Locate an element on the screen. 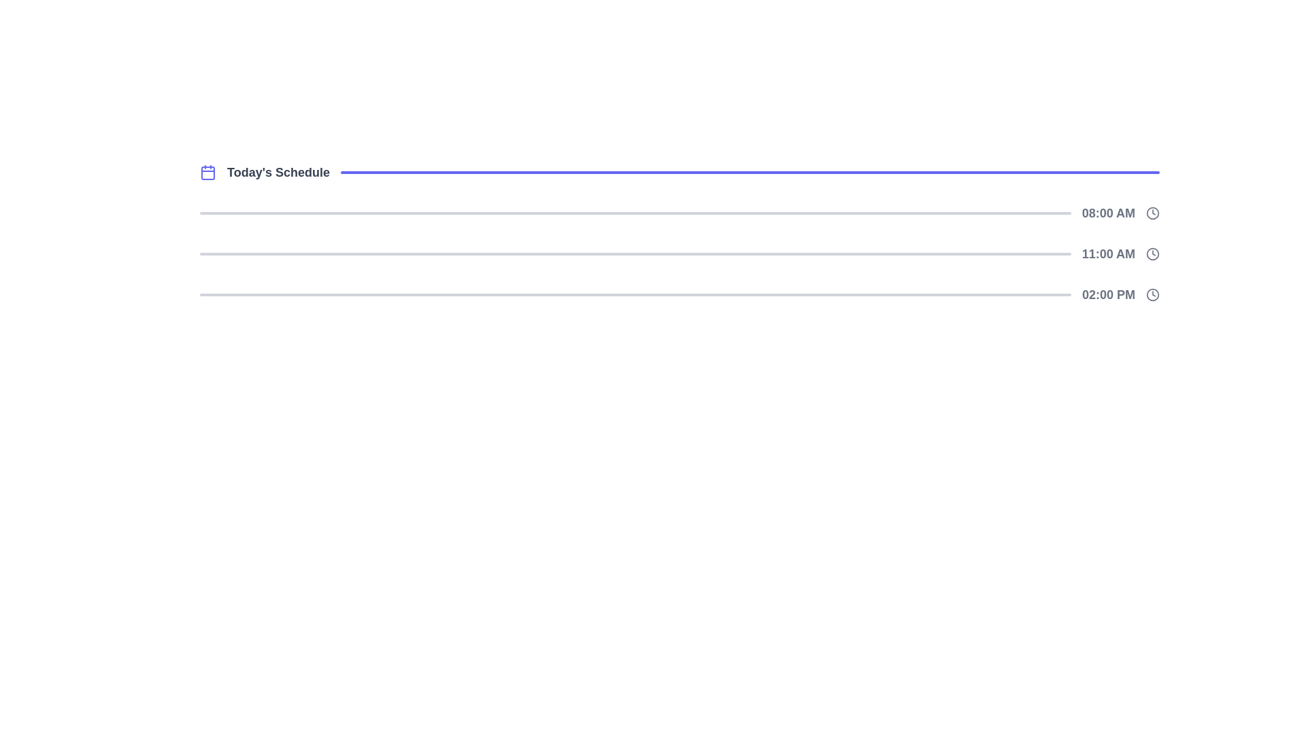  the time-related icon located at the far right of the row containing '02:00 PM' to interact with it is located at coordinates (1152, 294).